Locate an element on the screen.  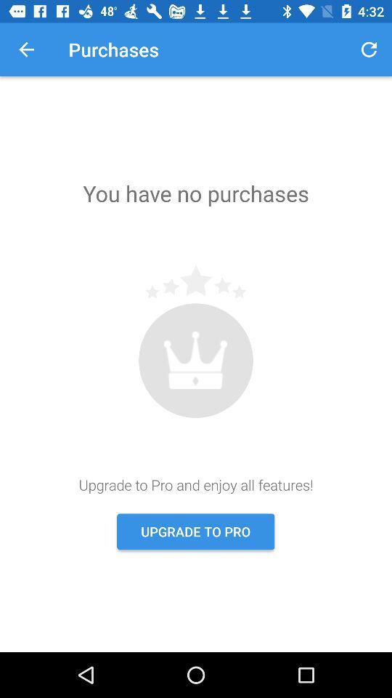
the item at the top right corner is located at coordinates (369, 49).